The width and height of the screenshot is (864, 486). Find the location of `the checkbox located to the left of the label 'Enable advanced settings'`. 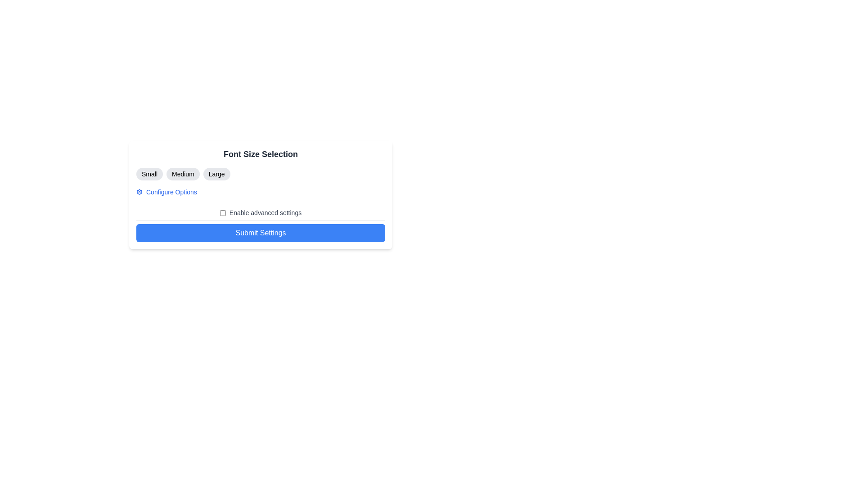

the checkbox located to the left of the label 'Enable advanced settings' is located at coordinates (223, 213).